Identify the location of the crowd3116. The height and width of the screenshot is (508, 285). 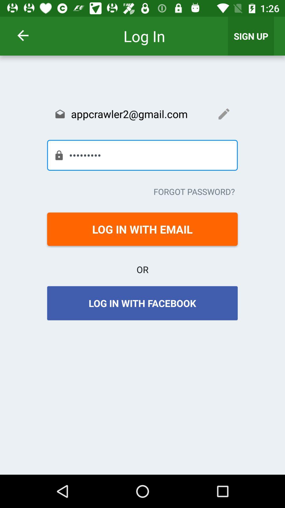
(142, 155).